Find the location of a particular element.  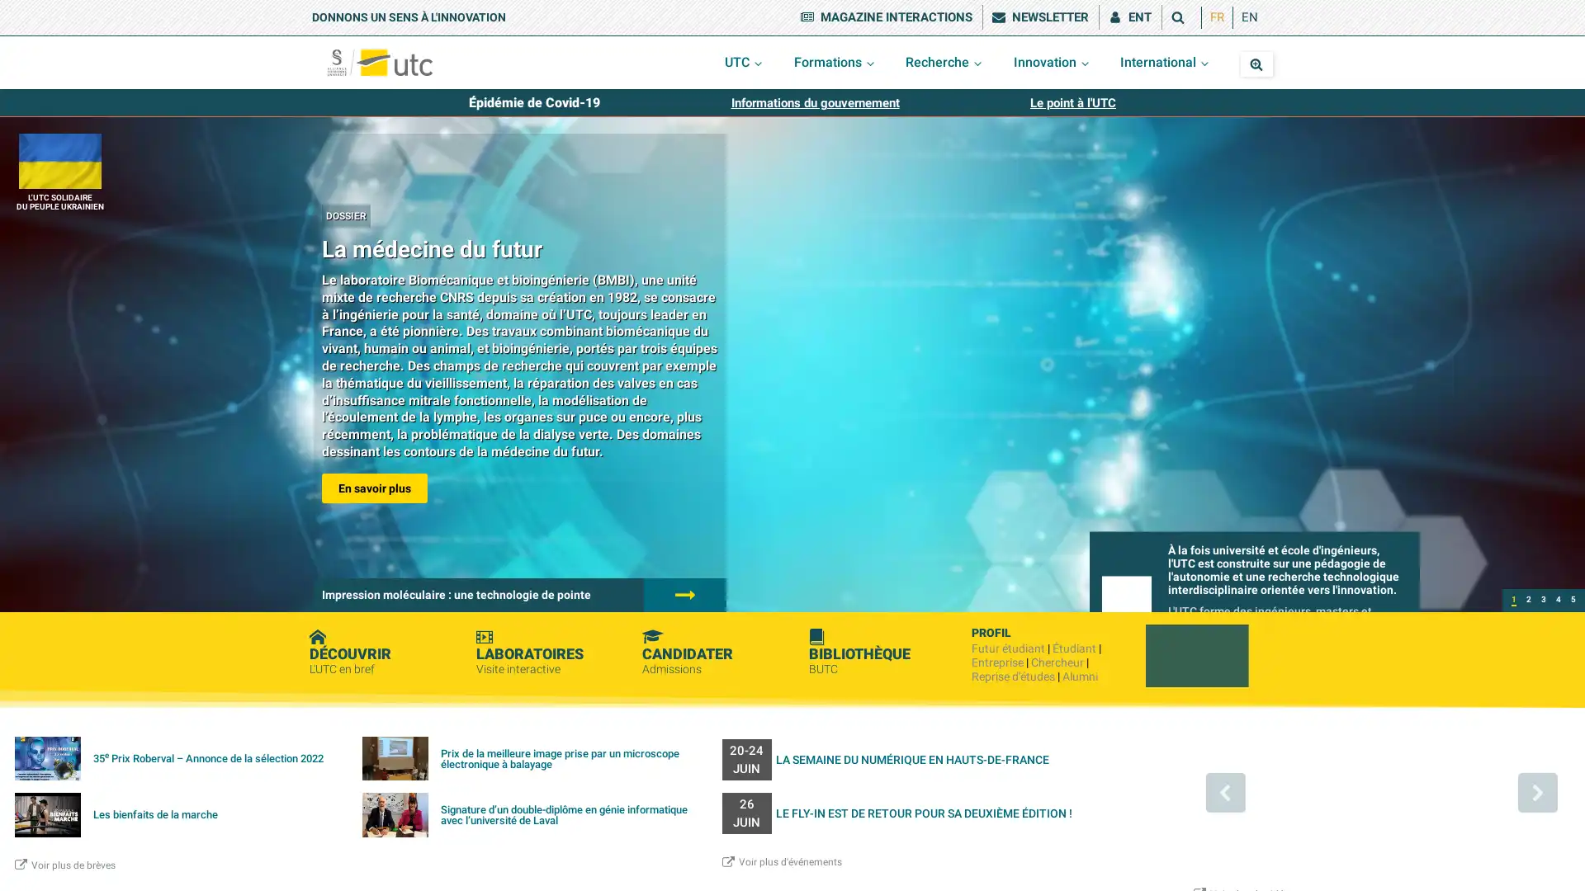

Une IA sure et robuste is located at coordinates (1557, 601).